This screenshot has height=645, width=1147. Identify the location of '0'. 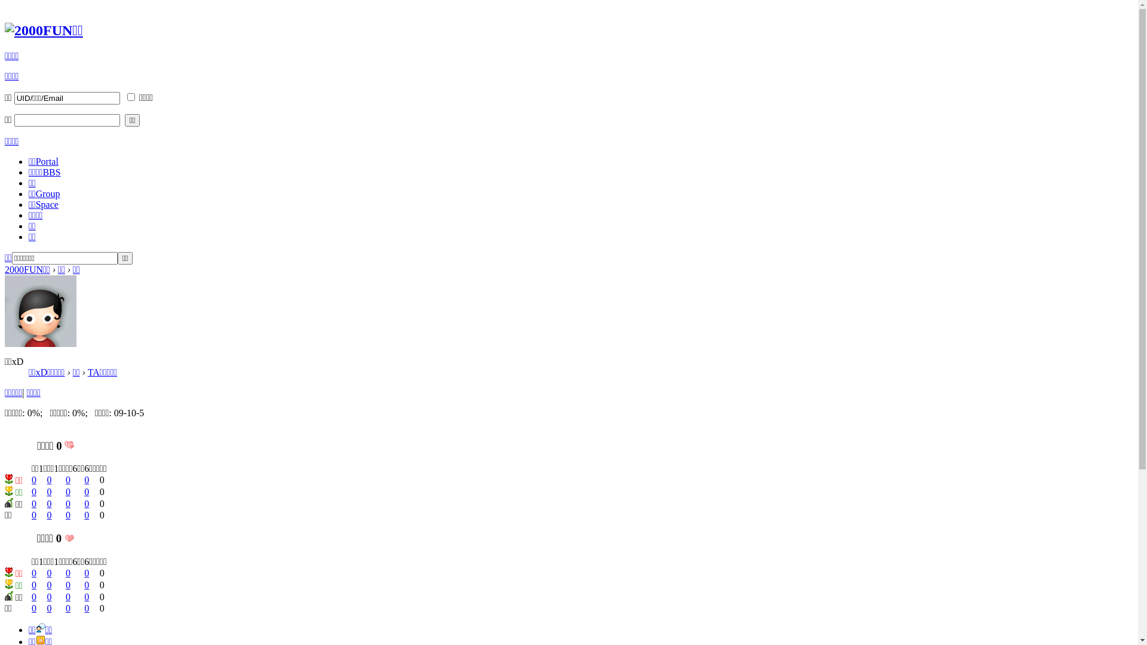
(34, 503).